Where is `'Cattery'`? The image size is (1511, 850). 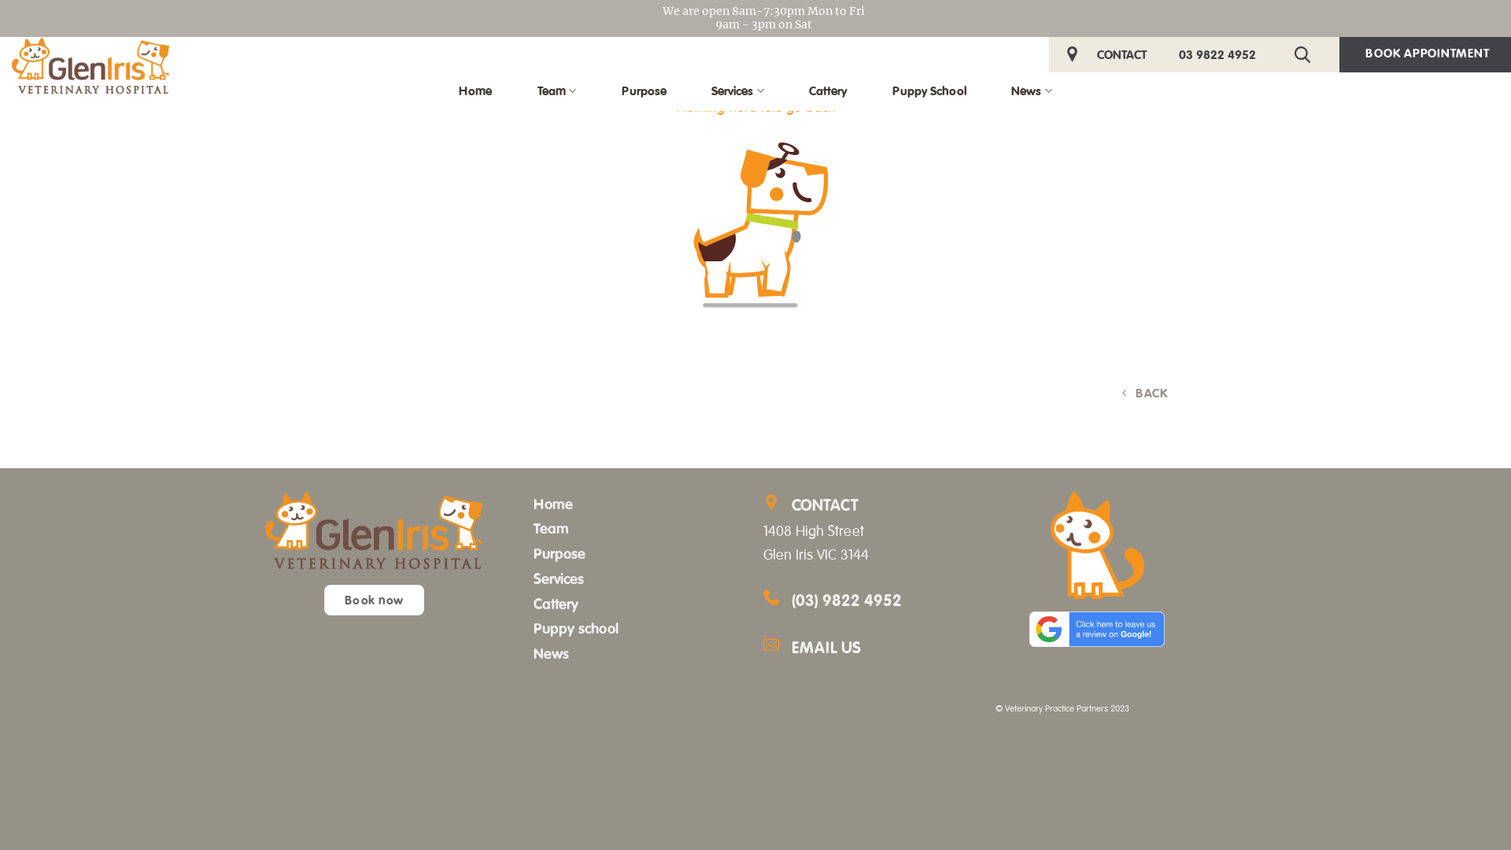
'Cattery' is located at coordinates (556, 603).